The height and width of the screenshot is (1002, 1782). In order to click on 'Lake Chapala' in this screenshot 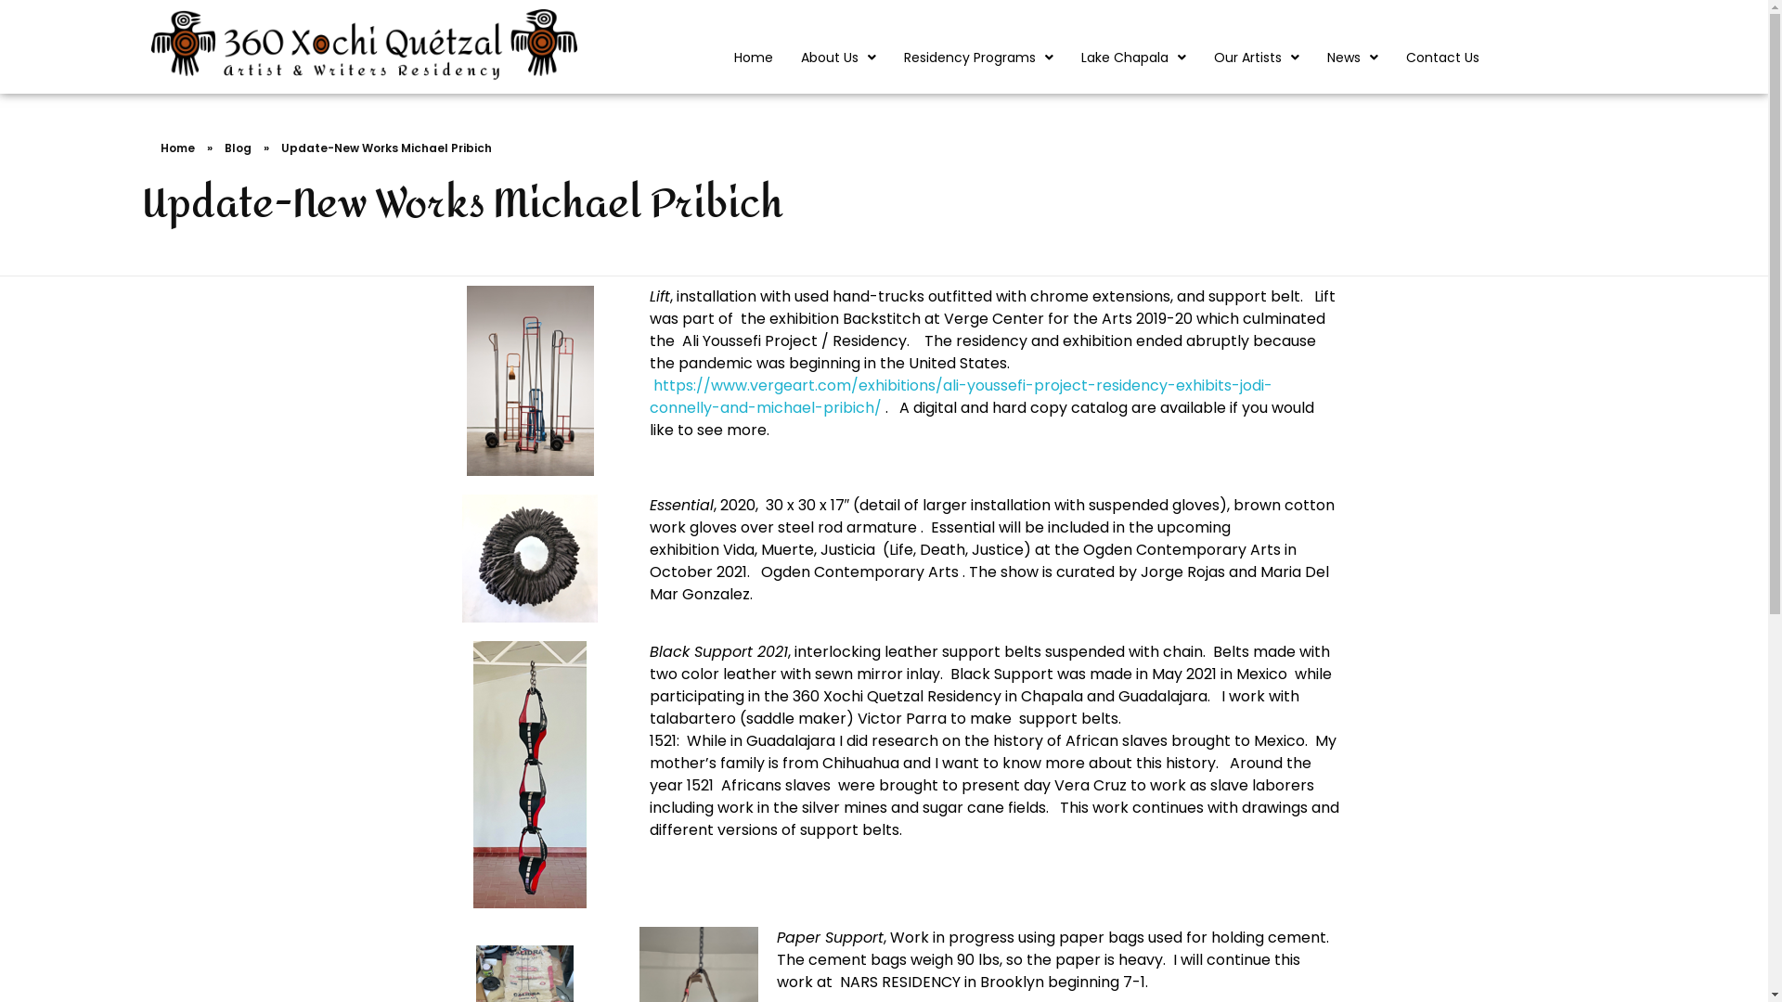, I will do `click(1132, 56)`.